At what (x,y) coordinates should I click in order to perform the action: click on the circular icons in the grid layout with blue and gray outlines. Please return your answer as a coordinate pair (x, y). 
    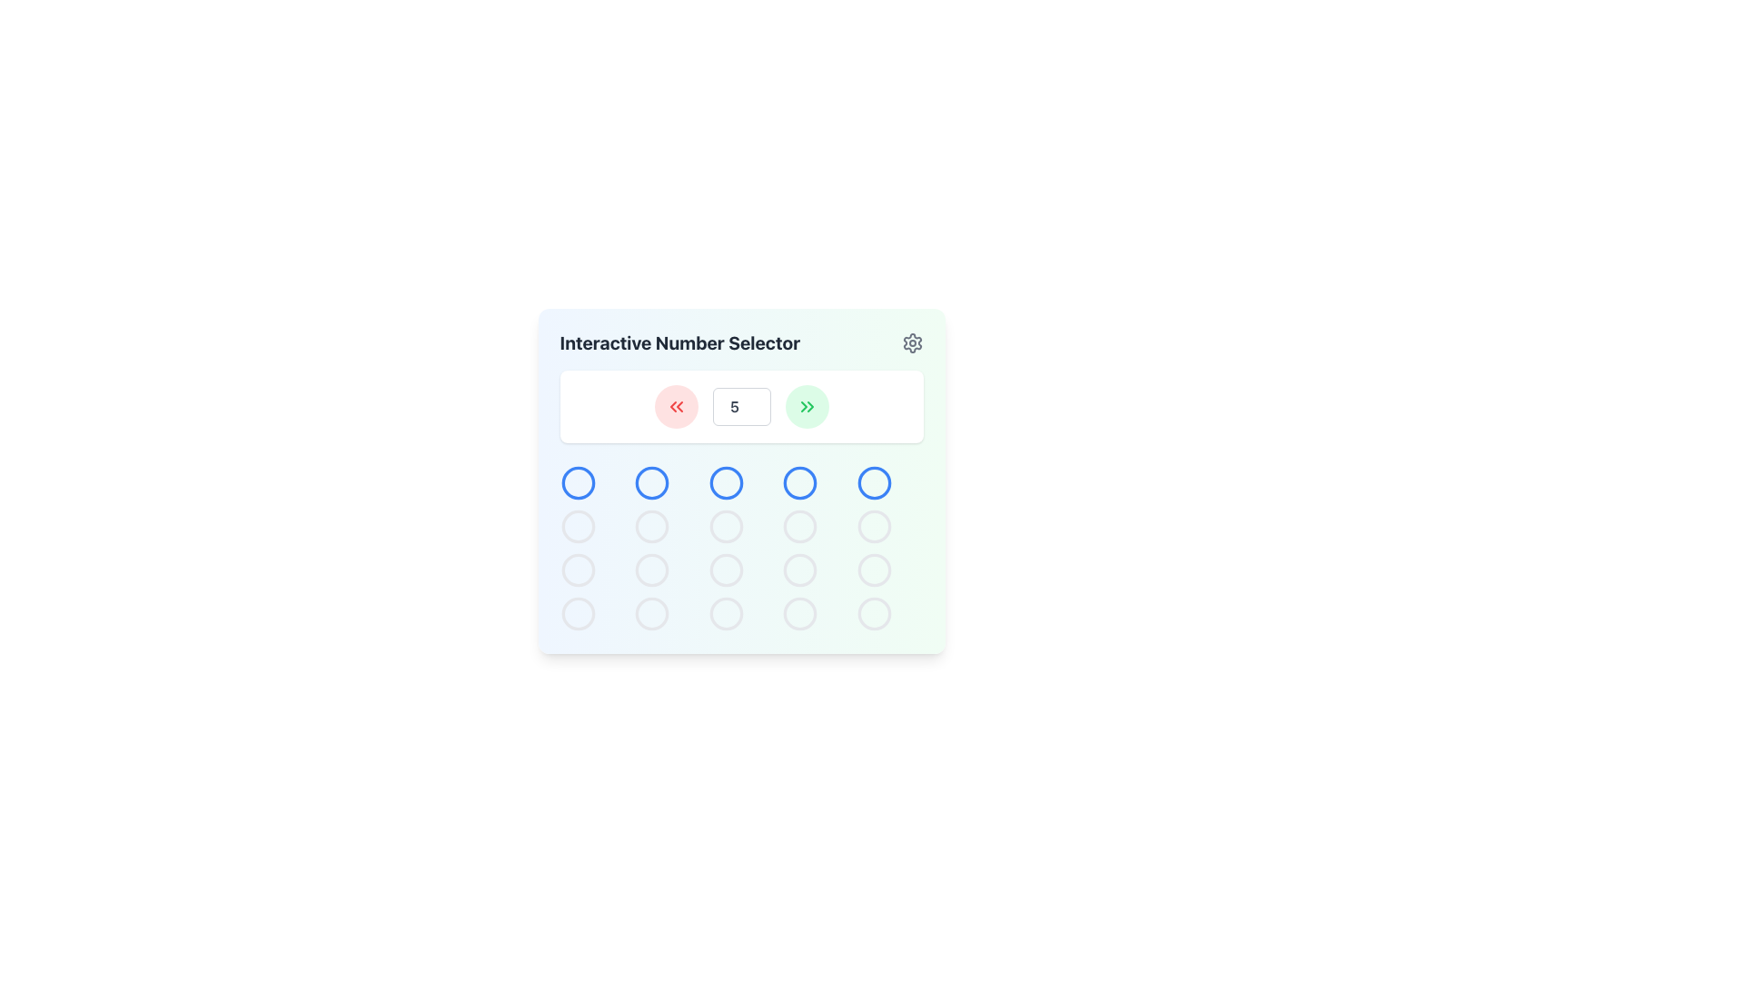
    Looking at the image, I should click on (741, 548).